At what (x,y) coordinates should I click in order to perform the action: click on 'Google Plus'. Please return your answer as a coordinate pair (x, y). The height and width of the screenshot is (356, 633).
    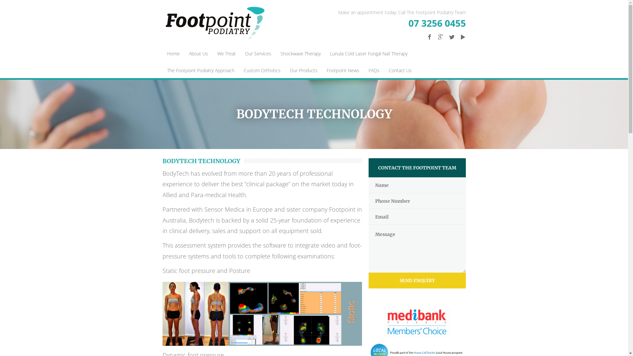
    Looking at the image, I should click on (440, 37).